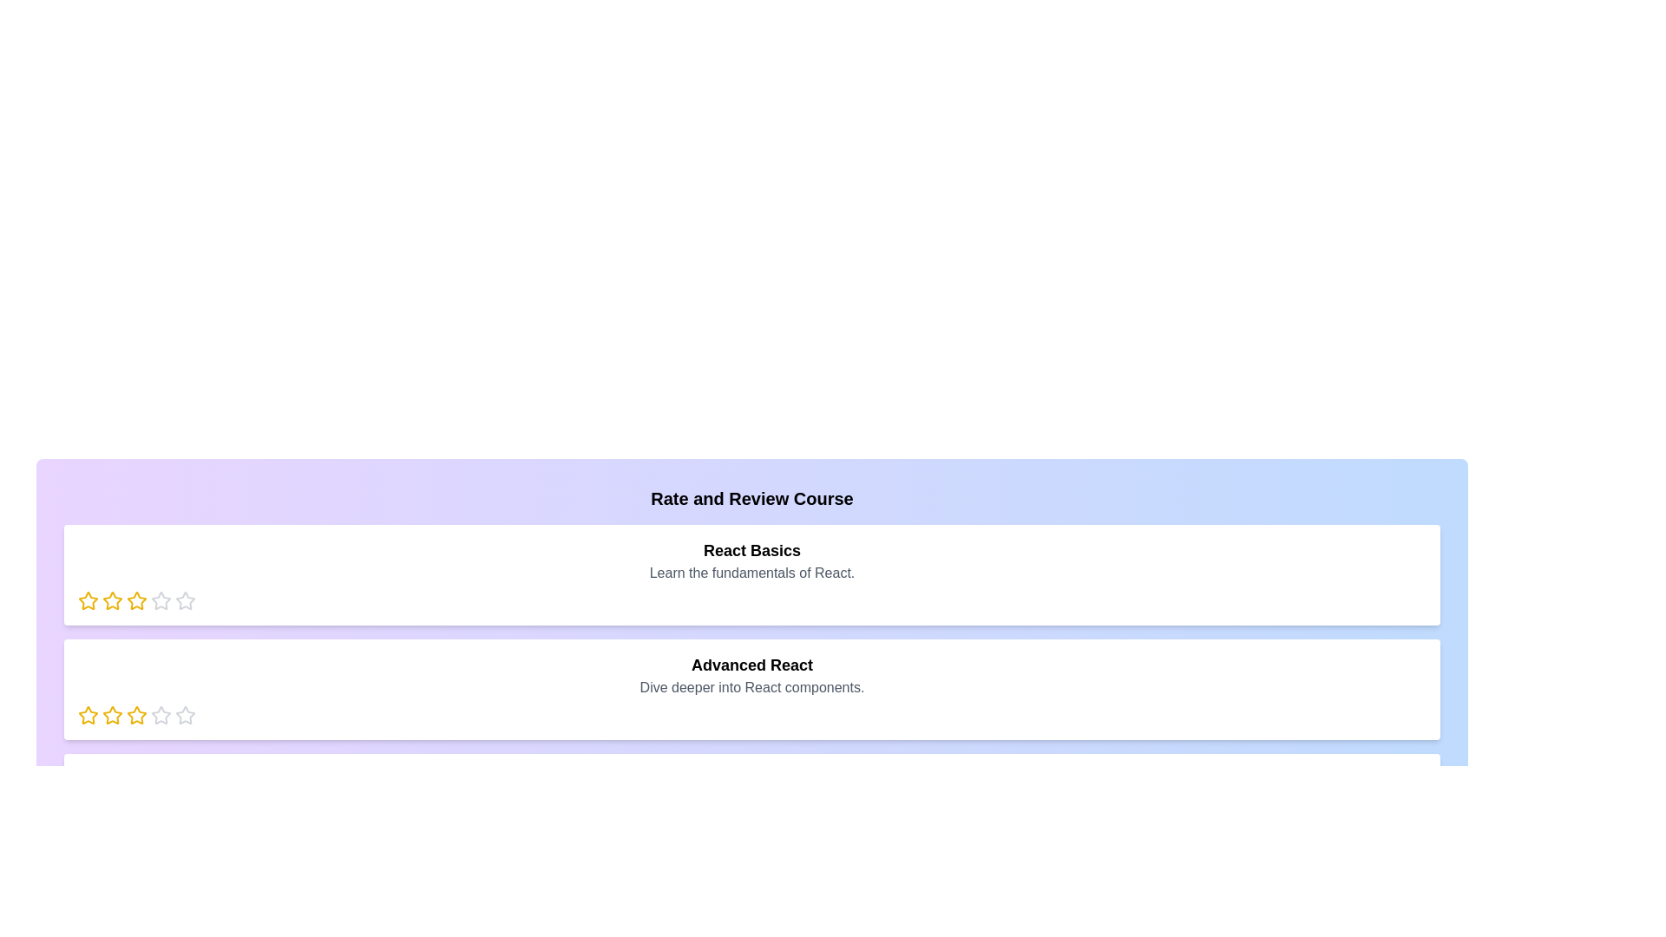  I want to click on the last Interactive Star Icon in the second row of stars within the 'Advanced React' rating section, so click(161, 716).